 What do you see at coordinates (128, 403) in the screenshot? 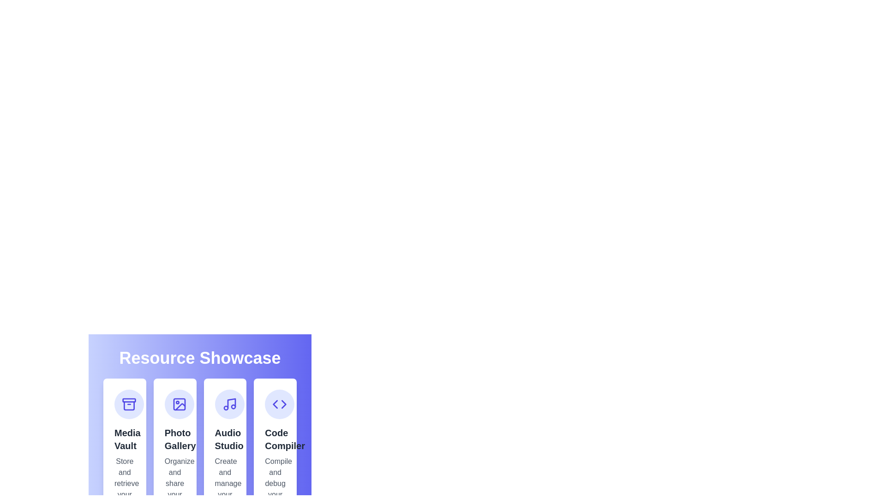
I see `the circular icon with a light indigo background and indigo-colored archive symbol, located above the 'Media Vault' text block in the leftmost card of the grid under the 'Resource Showcase' heading` at bounding box center [128, 403].